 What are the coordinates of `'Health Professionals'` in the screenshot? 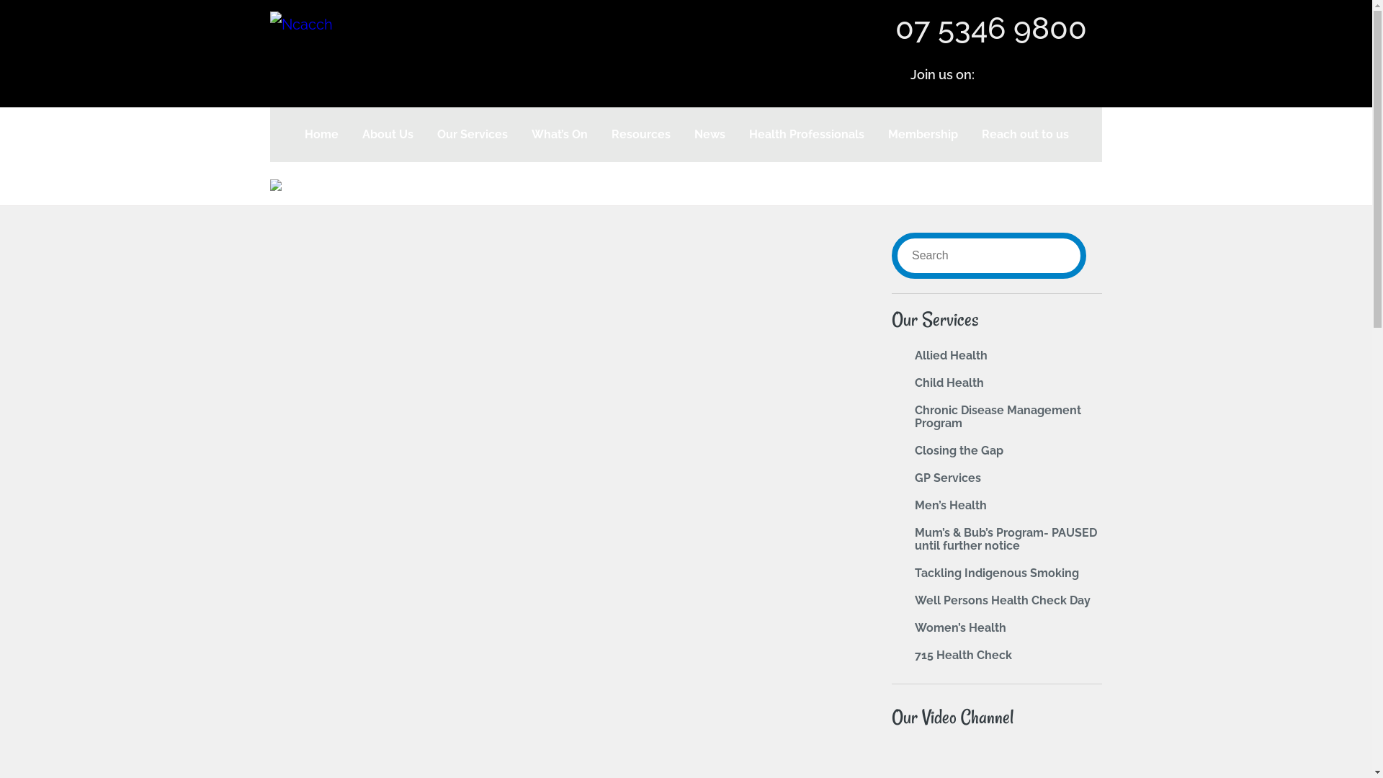 It's located at (805, 134).